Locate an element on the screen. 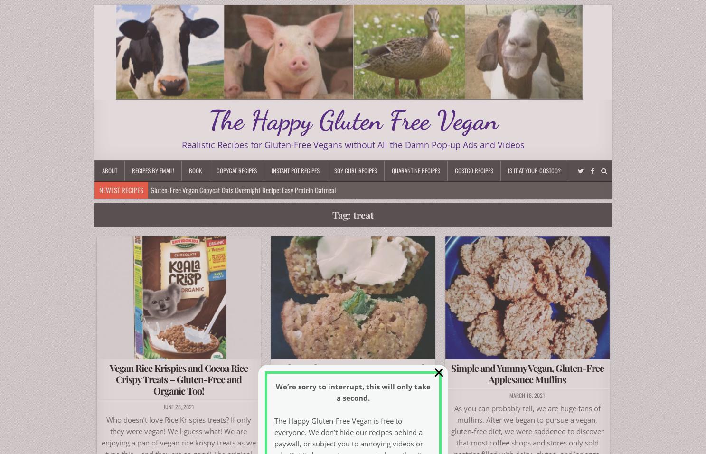 This screenshot has height=454, width=706. 'Amazingly Delicious Vegan Soft Nougat Recipe!' is located at coordinates (156, 223).